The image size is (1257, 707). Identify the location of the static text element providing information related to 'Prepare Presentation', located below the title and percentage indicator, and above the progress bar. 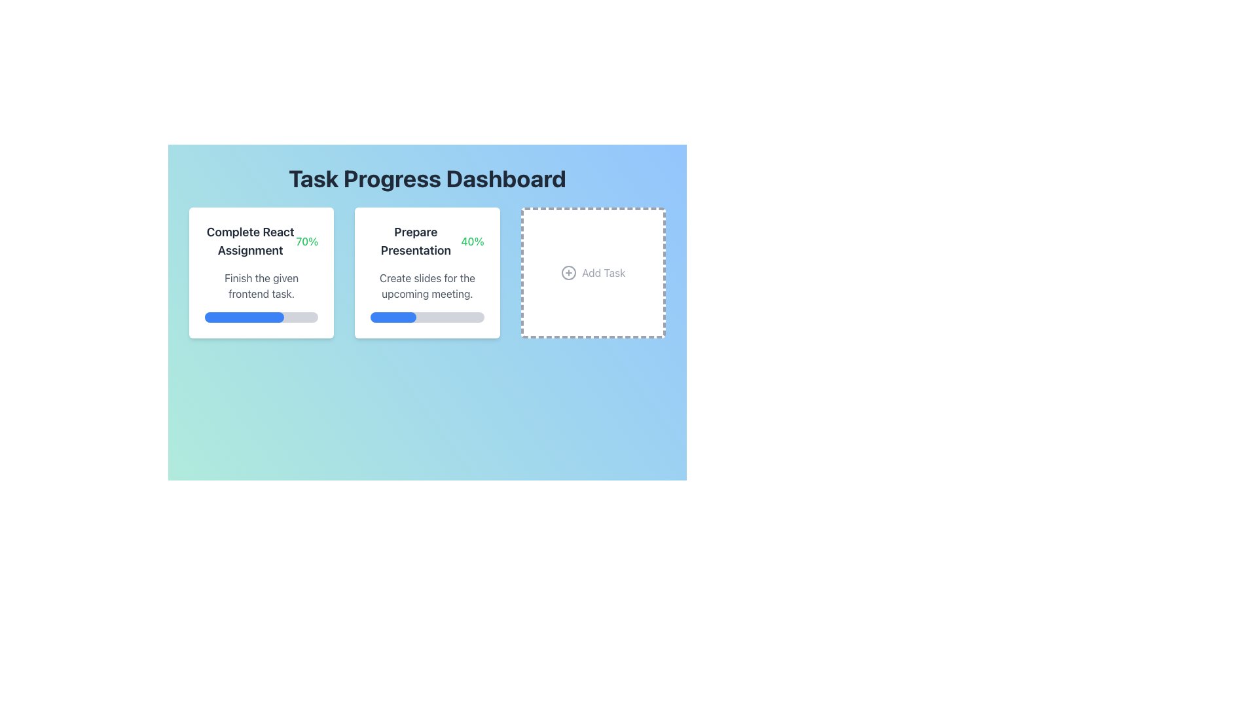
(427, 285).